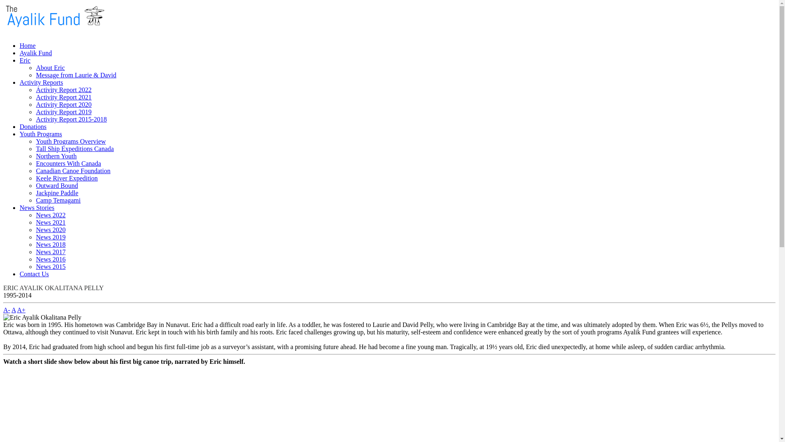 This screenshot has height=442, width=785. I want to click on 'News 2022', so click(50, 214).